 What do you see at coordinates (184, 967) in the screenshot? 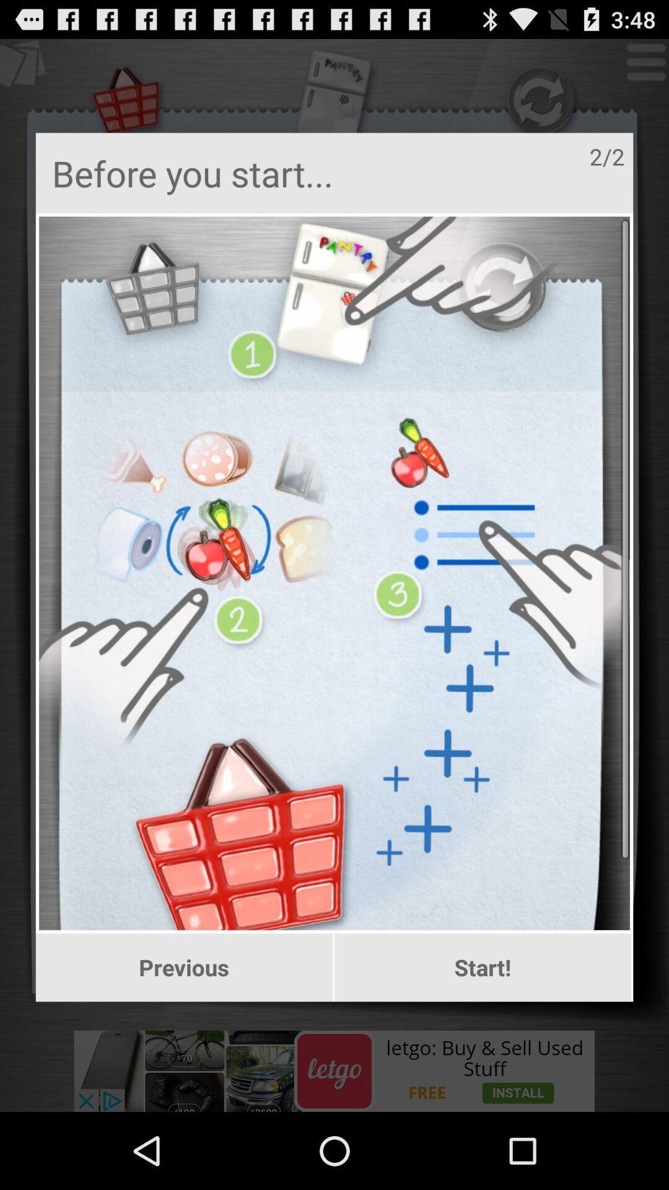
I see `icon at the bottom left corner` at bounding box center [184, 967].